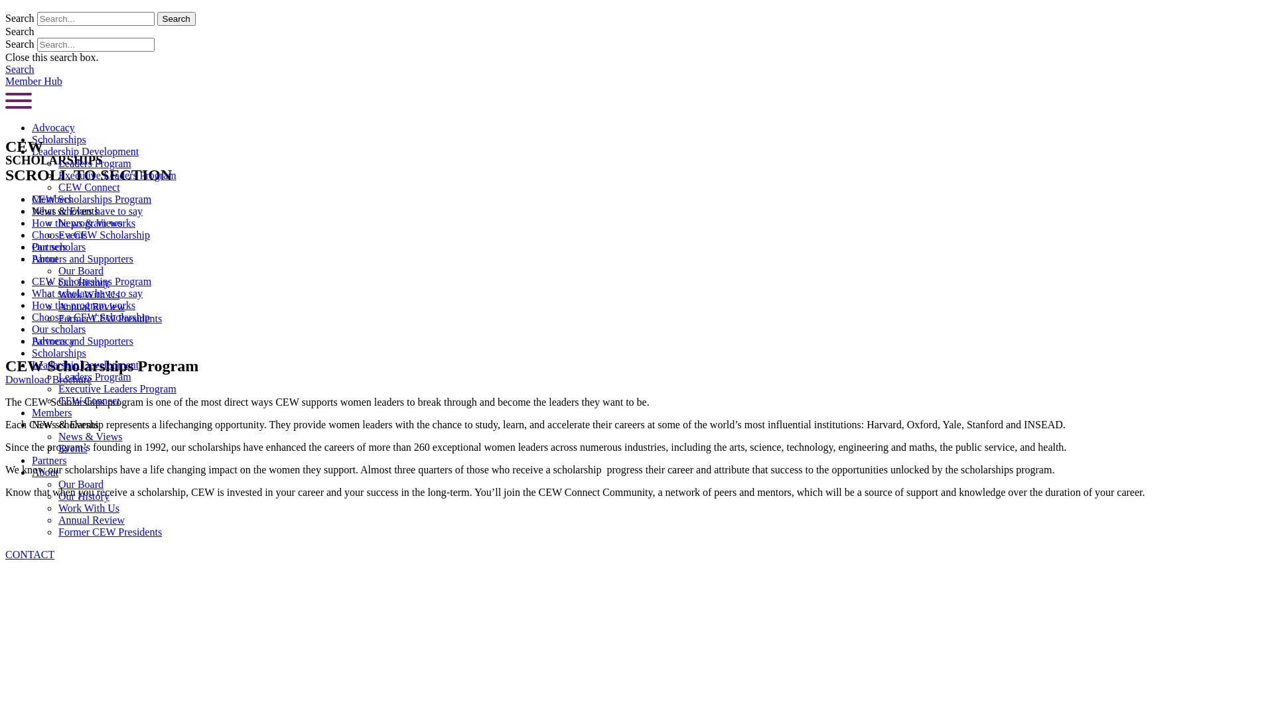 This screenshot has height=716, width=1274. Describe the element at coordinates (90, 317) in the screenshot. I see `'Choose a CEW Scholarship'` at that location.